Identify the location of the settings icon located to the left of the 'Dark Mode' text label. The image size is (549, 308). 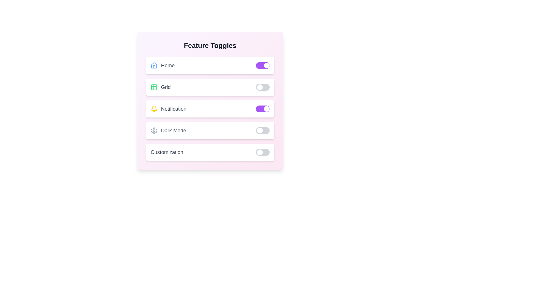
(154, 131).